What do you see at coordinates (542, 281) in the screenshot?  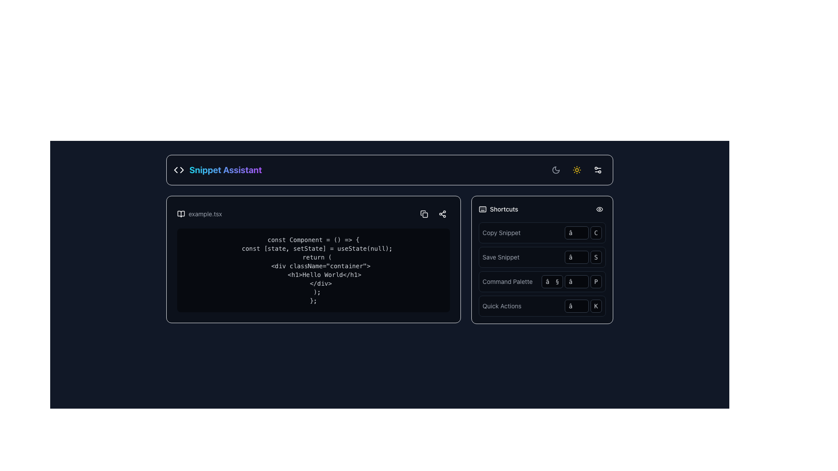 I see `the interactive button for the 'Command Palette', which is the third item in the vertical list of shortcut buttons on the right side of the interface, located between 'Save Snippet' and 'Quick Actions'` at bounding box center [542, 281].